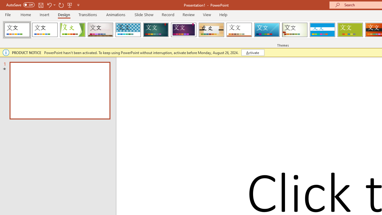 Image resolution: width=382 pixels, height=215 pixels. Describe the element at coordinates (211, 30) in the screenshot. I see `'Organic'` at that location.